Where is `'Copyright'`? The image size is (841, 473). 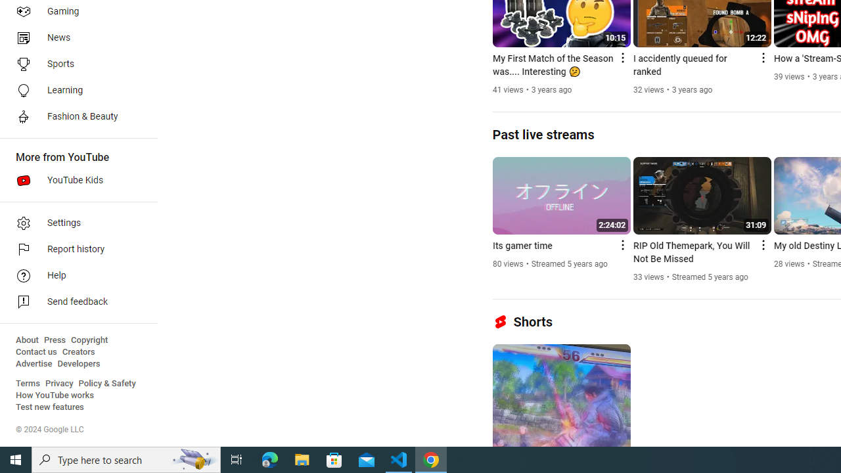
'Copyright' is located at coordinates (89, 340).